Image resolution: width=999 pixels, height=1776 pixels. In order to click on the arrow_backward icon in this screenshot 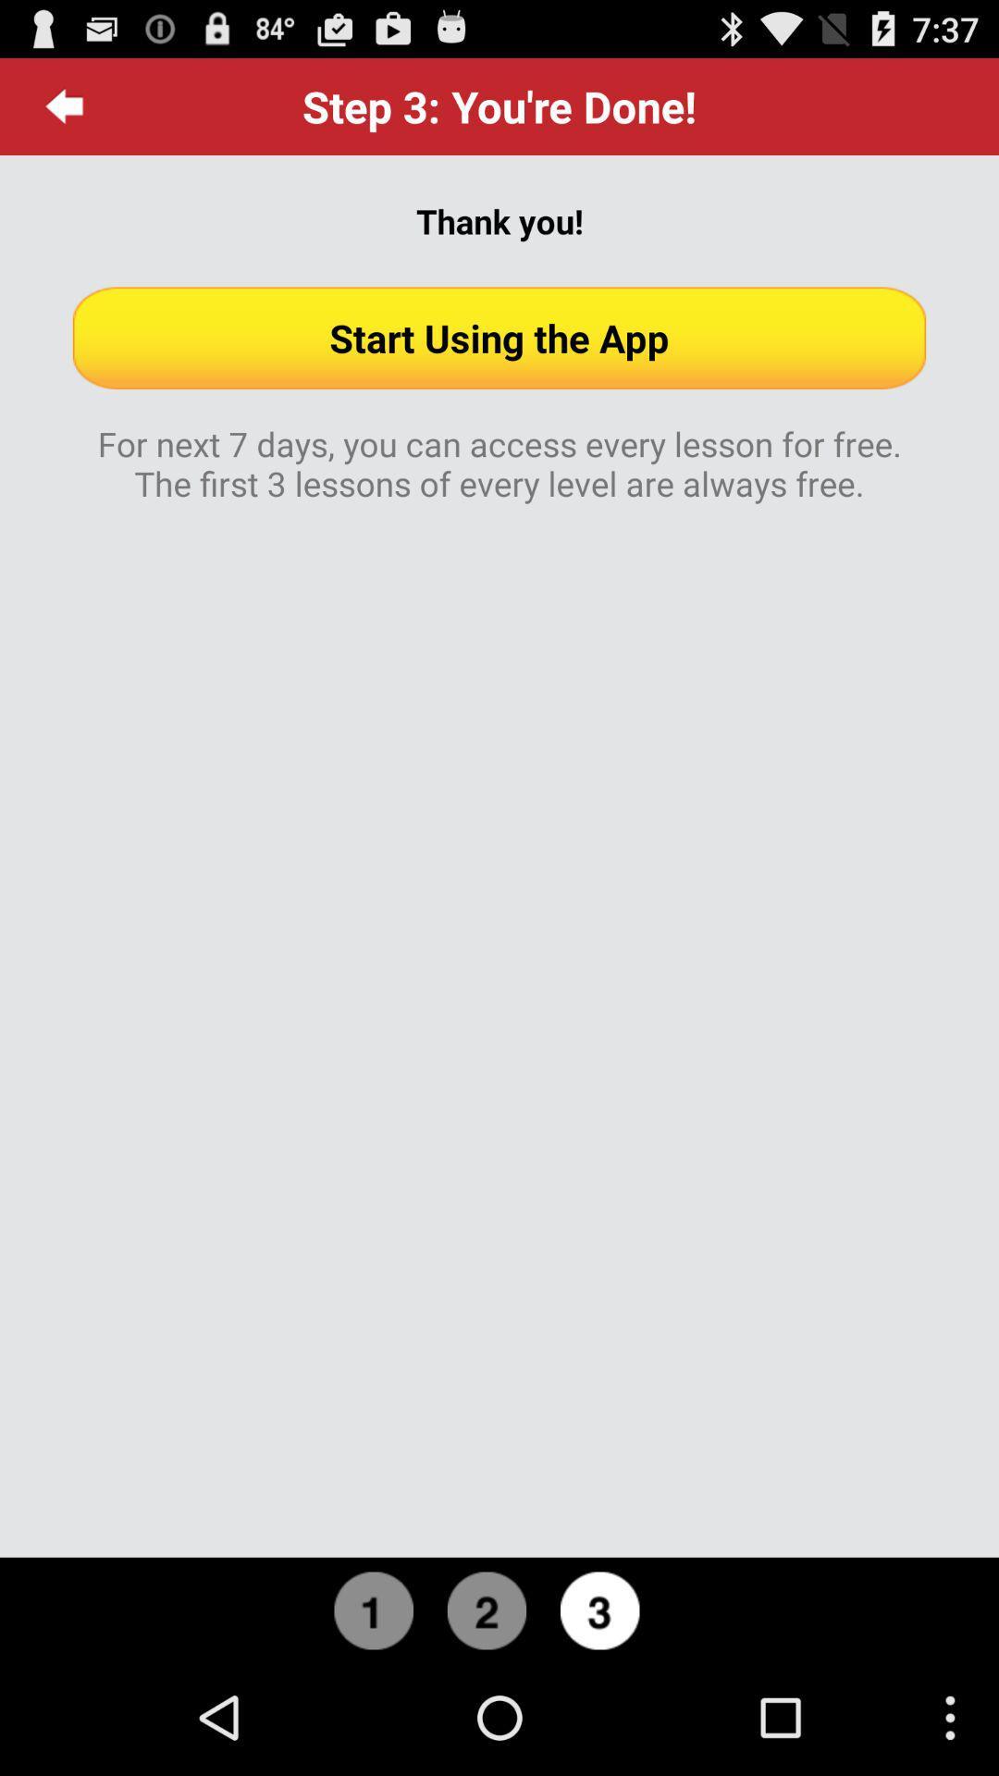, I will do `click(64, 113)`.